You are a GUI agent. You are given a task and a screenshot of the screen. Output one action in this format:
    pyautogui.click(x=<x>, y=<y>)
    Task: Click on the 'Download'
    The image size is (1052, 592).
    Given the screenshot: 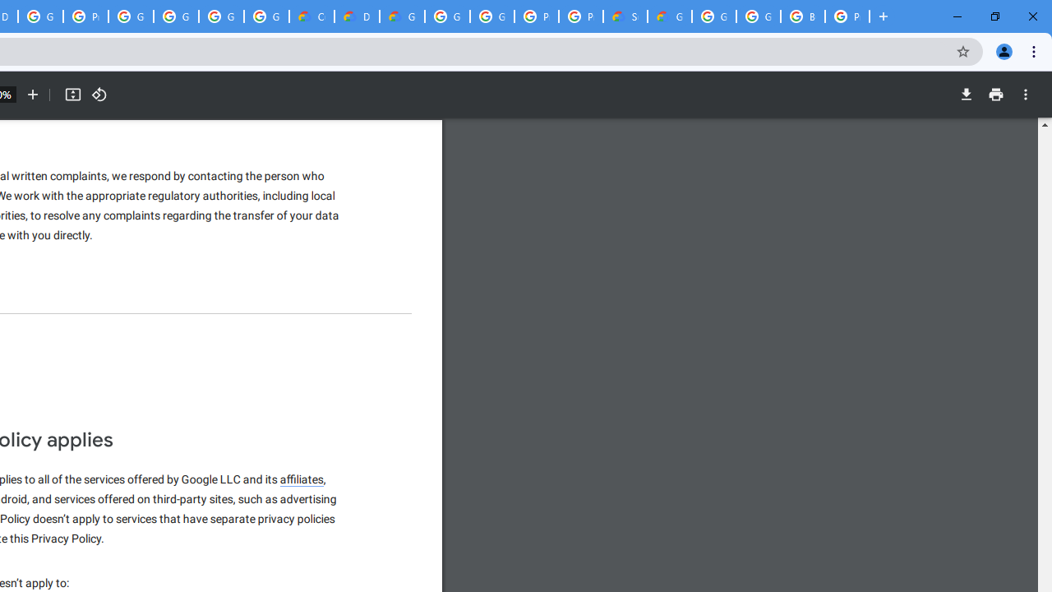 What is the action you would take?
    pyautogui.click(x=966, y=95)
    